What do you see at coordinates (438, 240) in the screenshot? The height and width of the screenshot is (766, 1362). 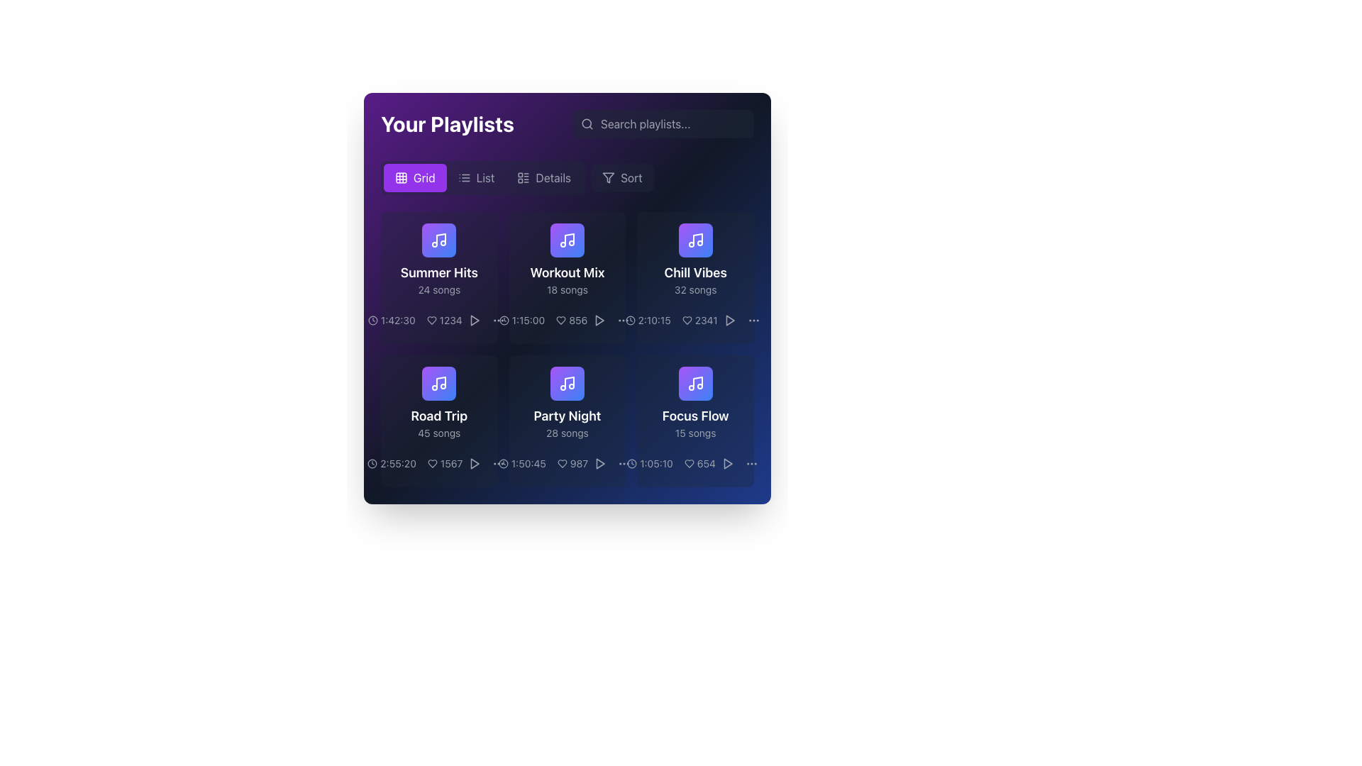 I see `the 'Summer Hits' playlist icon` at bounding box center [438, 240].